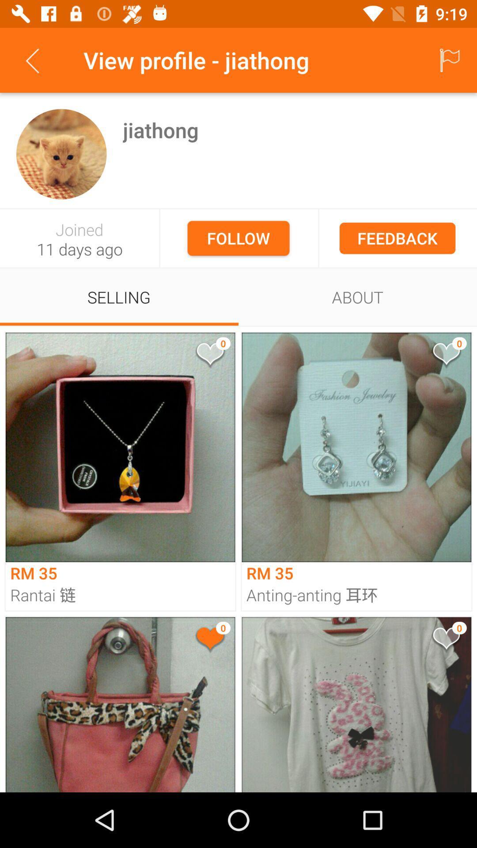 This screenshot has height=848, width=477. Describe the element at coordinates (209, 356) in the screenshot. I see `like the image` at that location.